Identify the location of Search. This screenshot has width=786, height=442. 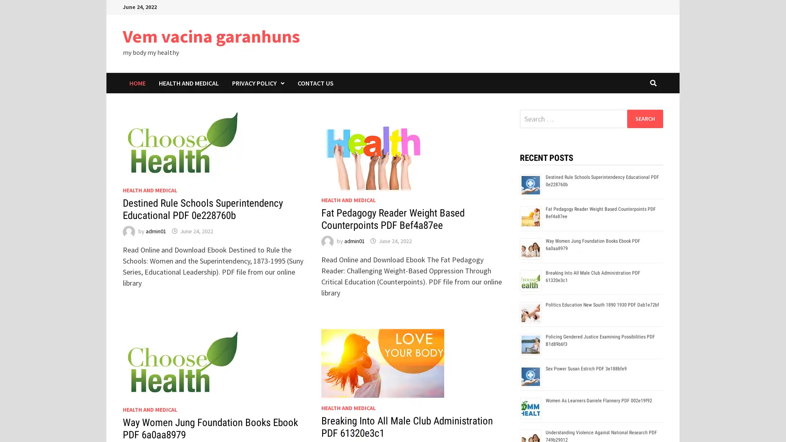
(644, 118).